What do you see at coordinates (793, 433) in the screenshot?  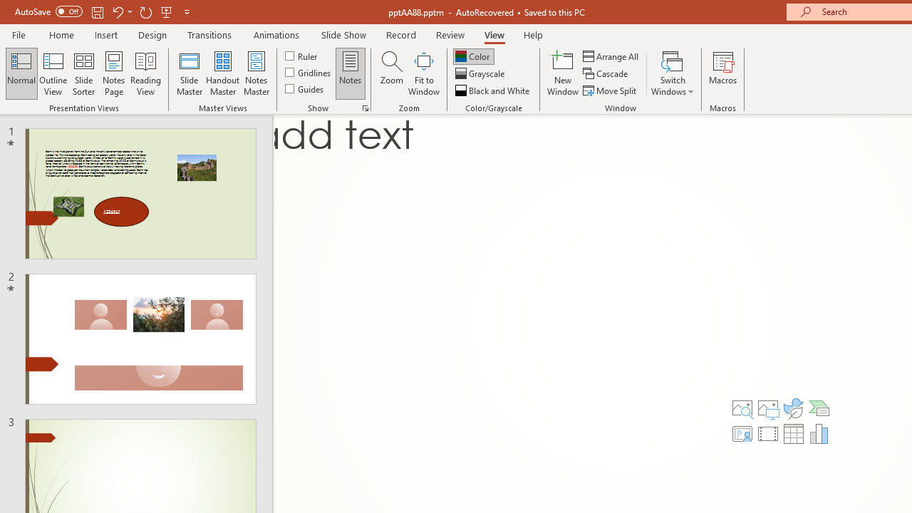 I see `'Insert Table'` at bounding box center [793, 433].